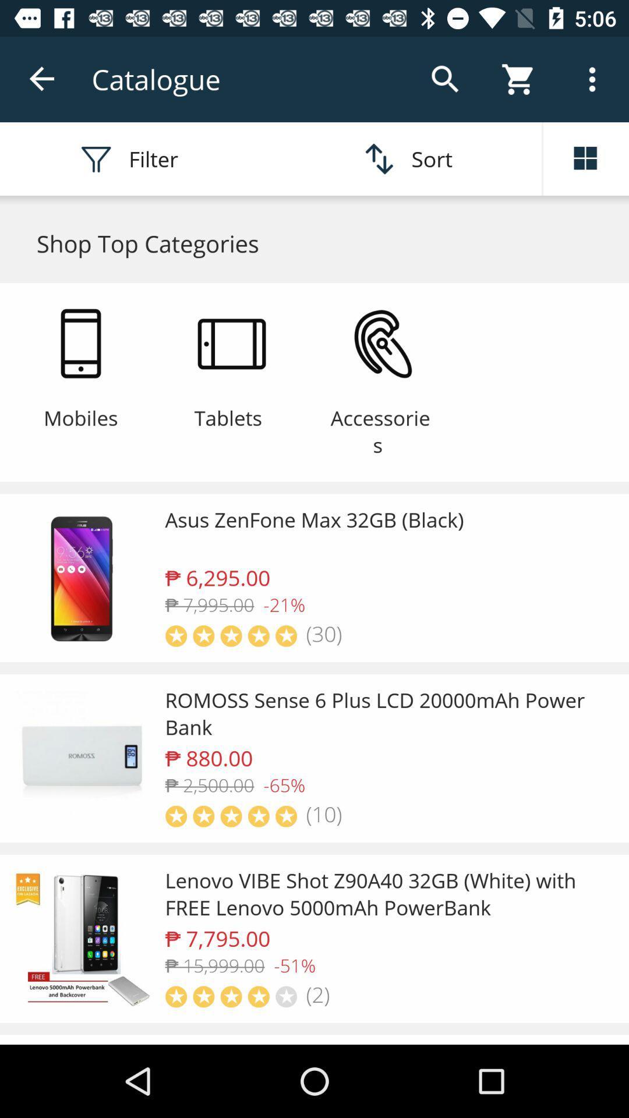 This screenshot has width=629, height=1118. Describe the element at coordinates (42, 79) in the screenshot. I see `item next to catalogue` at that location.